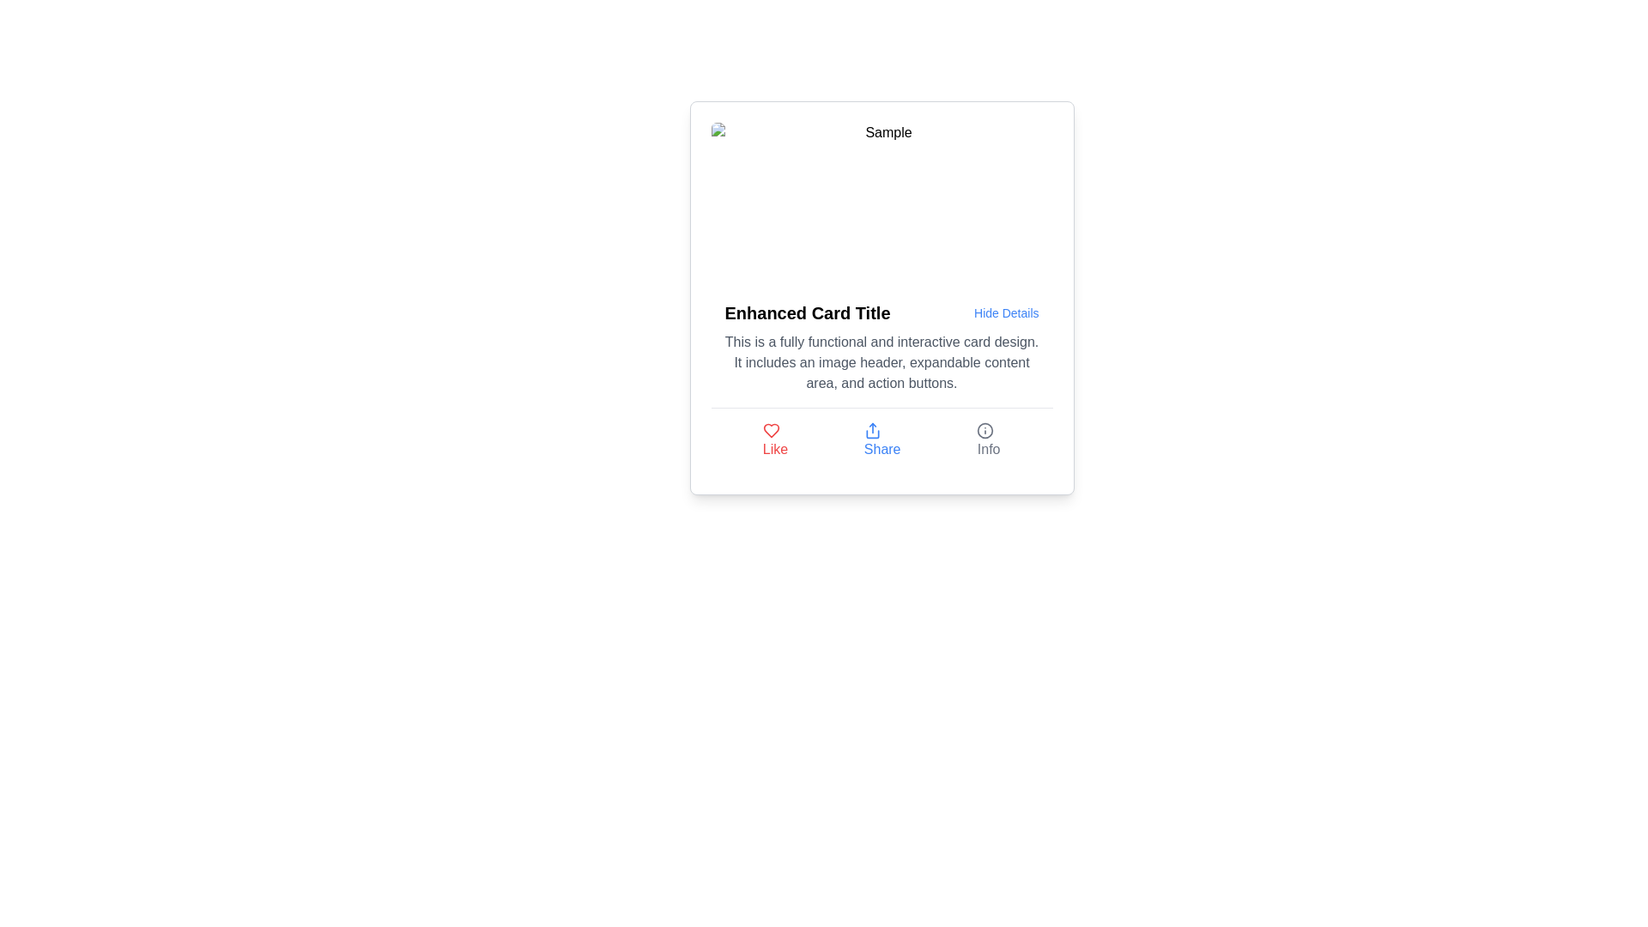 Image resolution: width=1648 pixels, height=927 pixels. What do you see at coordinates (882, 362) in the screenshot?
I see `descriptive text block styled in light gray color, located below the 'Enhanced Card Title' and 'Hide Details' link` at bounding box center [882, 362].